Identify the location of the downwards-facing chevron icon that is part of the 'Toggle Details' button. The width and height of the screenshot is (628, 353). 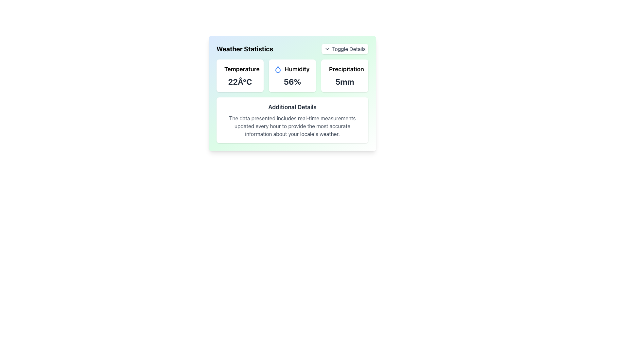
(327, 49).